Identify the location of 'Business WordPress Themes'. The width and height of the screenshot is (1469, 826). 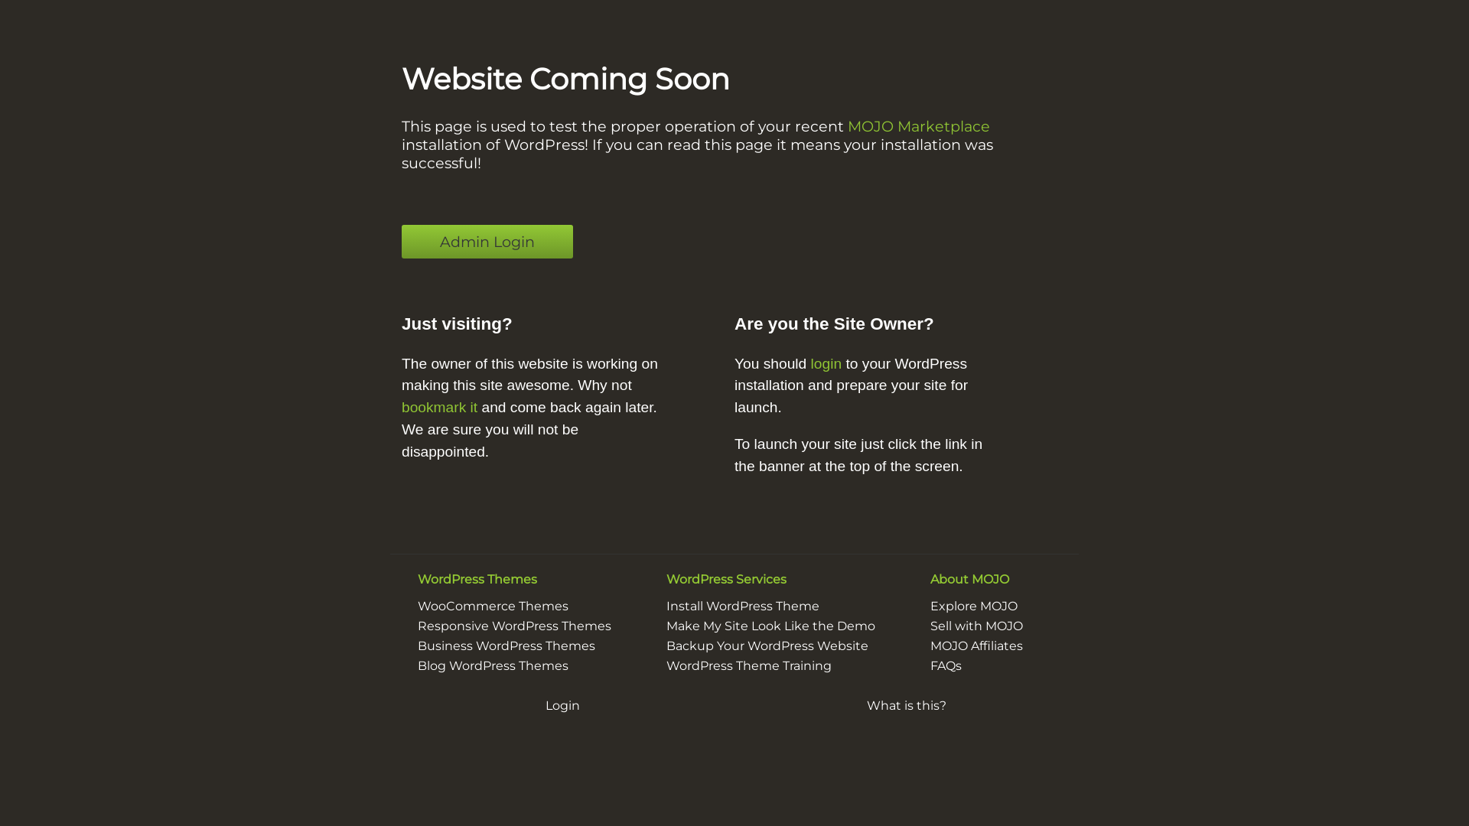
(506, 646).